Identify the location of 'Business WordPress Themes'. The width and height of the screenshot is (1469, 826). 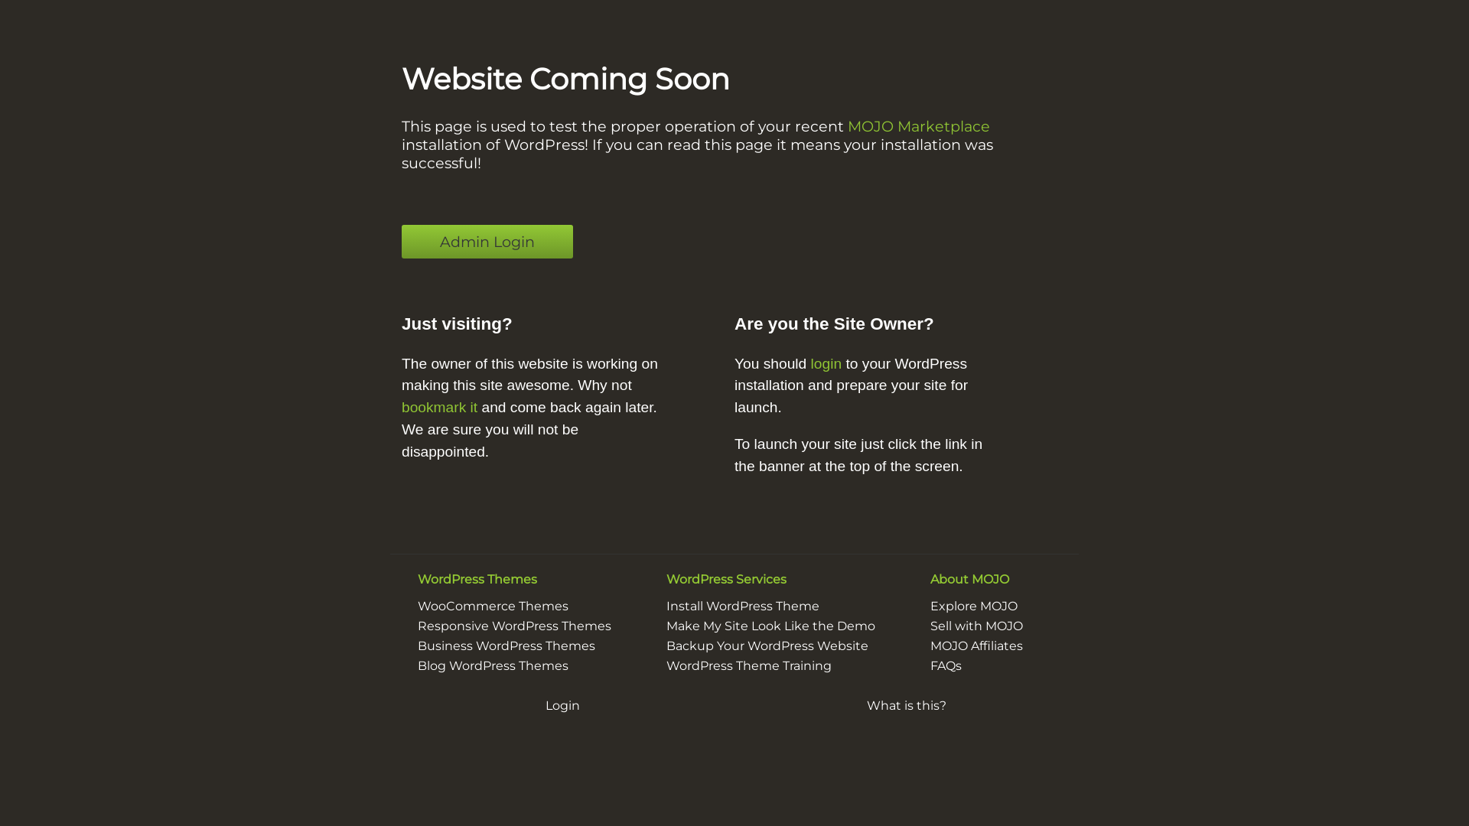
(506, 646).